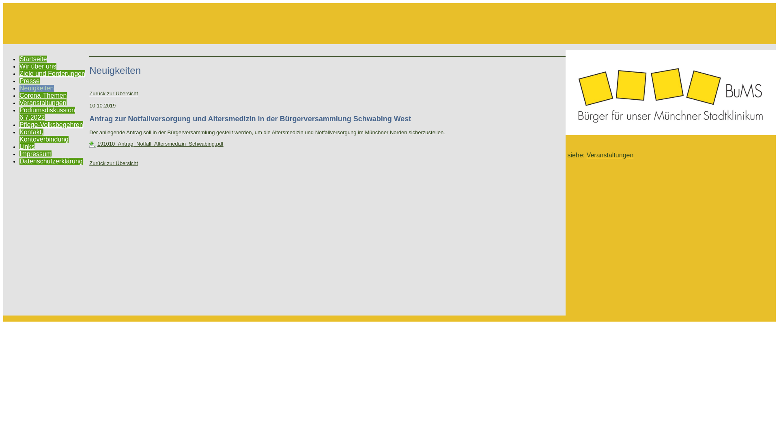 The width and height of the screenshot is (779, 438). Describe the element at coordinates (27, 146) in the screenshot. I see `'Links'` at that location.